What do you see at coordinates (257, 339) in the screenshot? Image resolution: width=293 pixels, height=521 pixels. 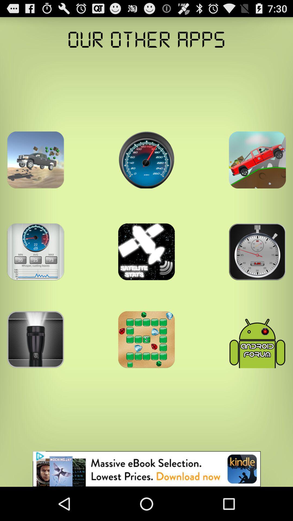 I see `open android forum app` at bounding box center [257, 339].